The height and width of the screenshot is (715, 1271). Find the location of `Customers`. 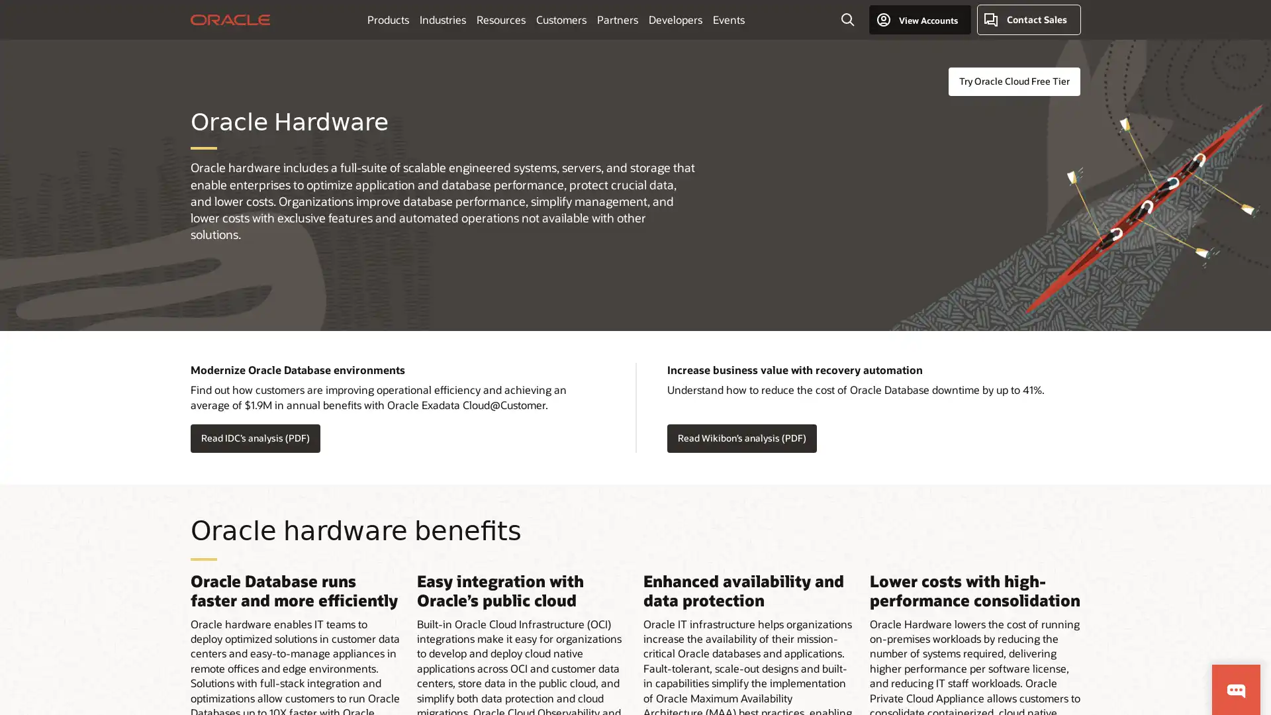

Customers is located at coordinates (560, 19).